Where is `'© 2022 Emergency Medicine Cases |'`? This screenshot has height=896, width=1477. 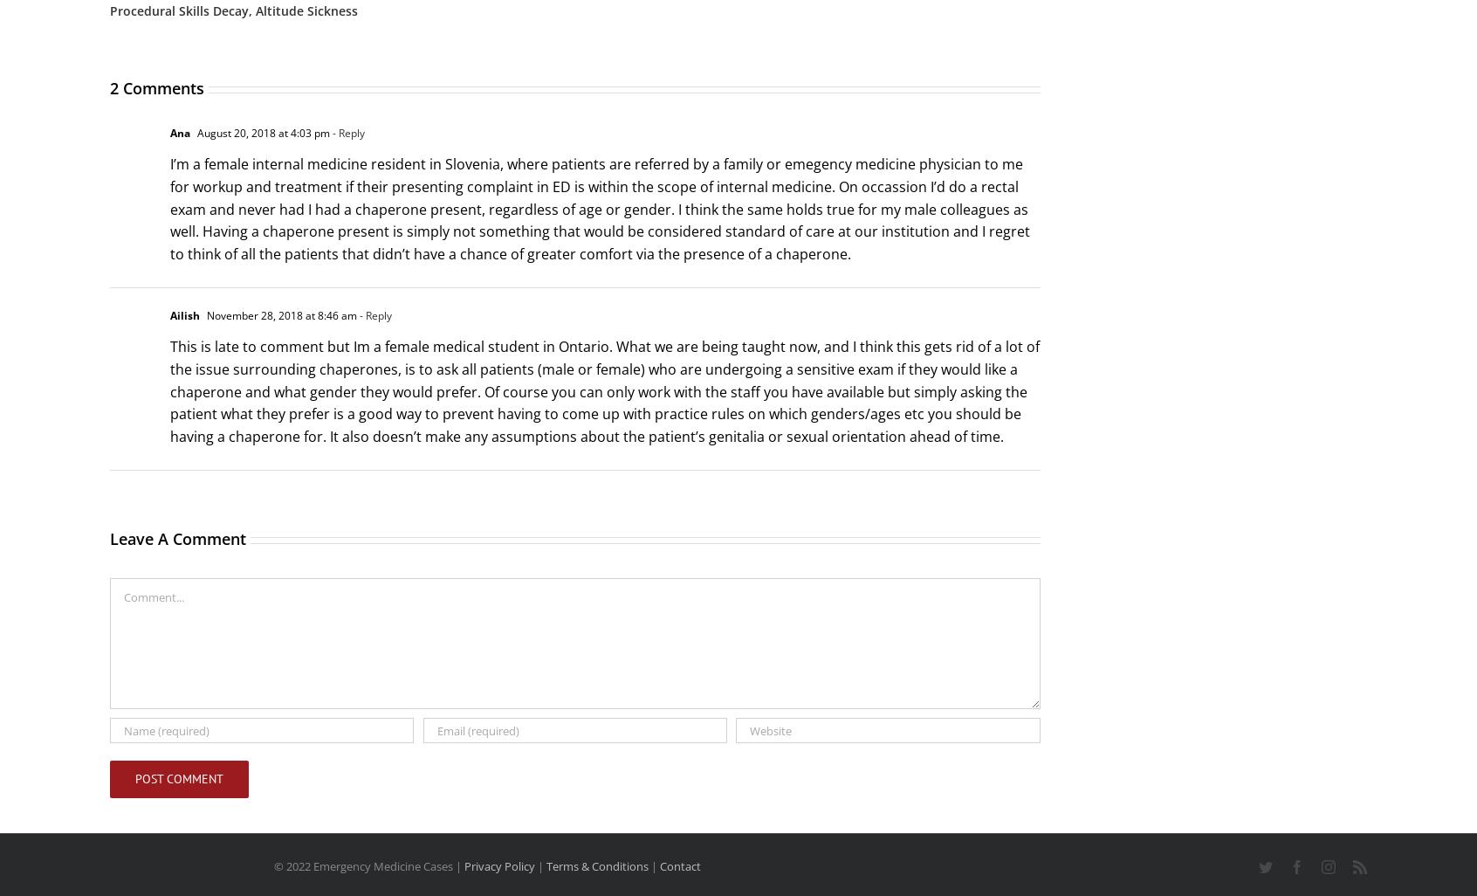 '© 2022 Emergency Medicine Cases |' is located at coordinates (368, 865).